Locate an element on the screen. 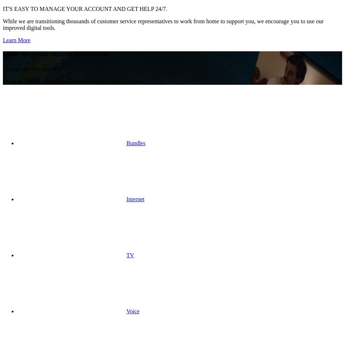 The width and height of the screenshot is (345, 362). 'Internet' is located at coordinates (135, 199).